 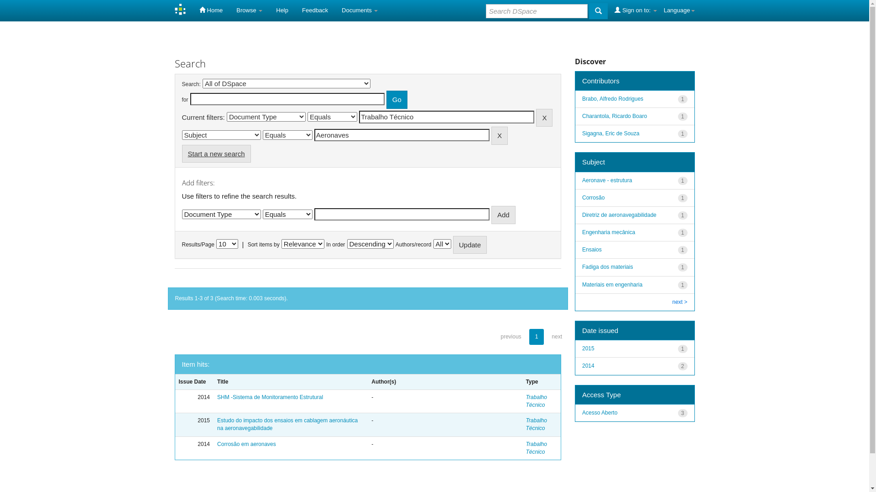 What do you see at coordinates (490, 135) in the screenshot?
I see `'X'` at bounding box center [490, 135].